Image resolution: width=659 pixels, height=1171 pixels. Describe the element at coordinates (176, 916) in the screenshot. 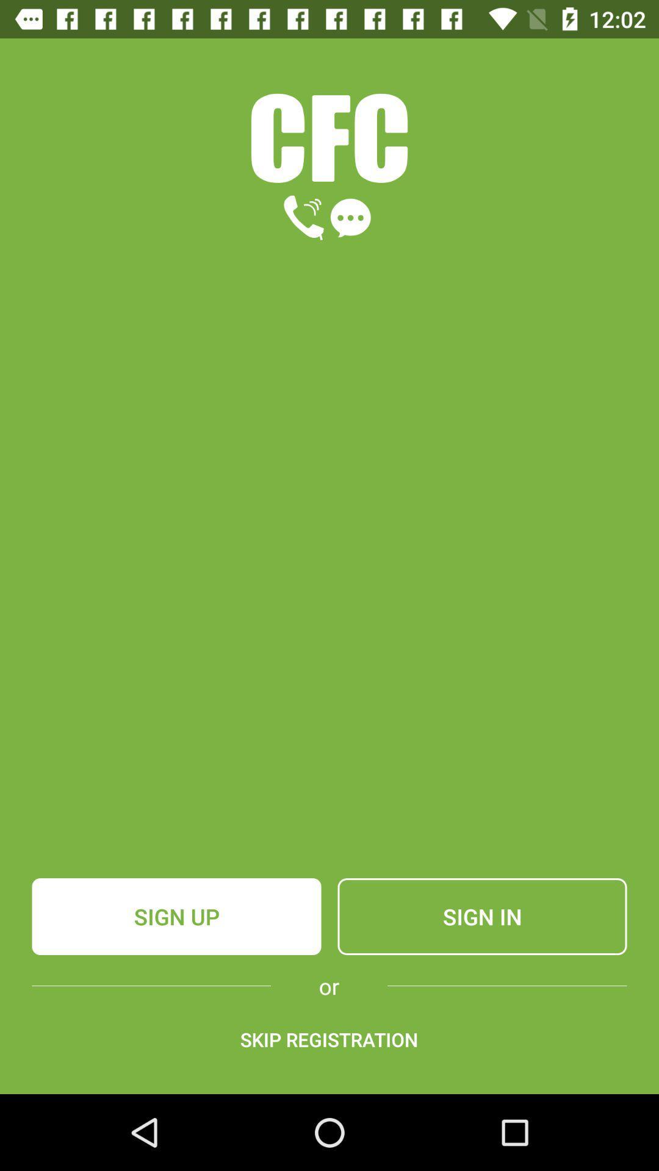

I see `item to the left of the sign in icon` at that location.